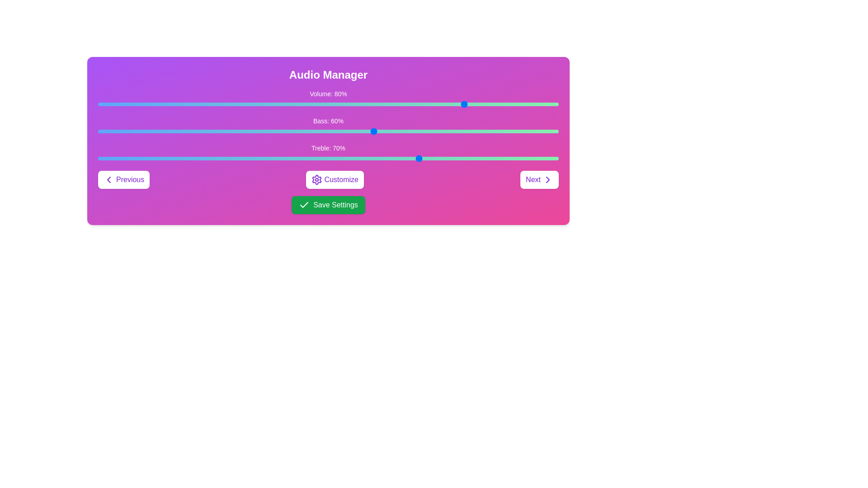 The width and height of the screenshot is (868, 488). Describe the element at coordinates (317, 179) in the screenshot. I see `the gear icon with a purple outline located to the left of the 'Customize' text within the button` at that location.